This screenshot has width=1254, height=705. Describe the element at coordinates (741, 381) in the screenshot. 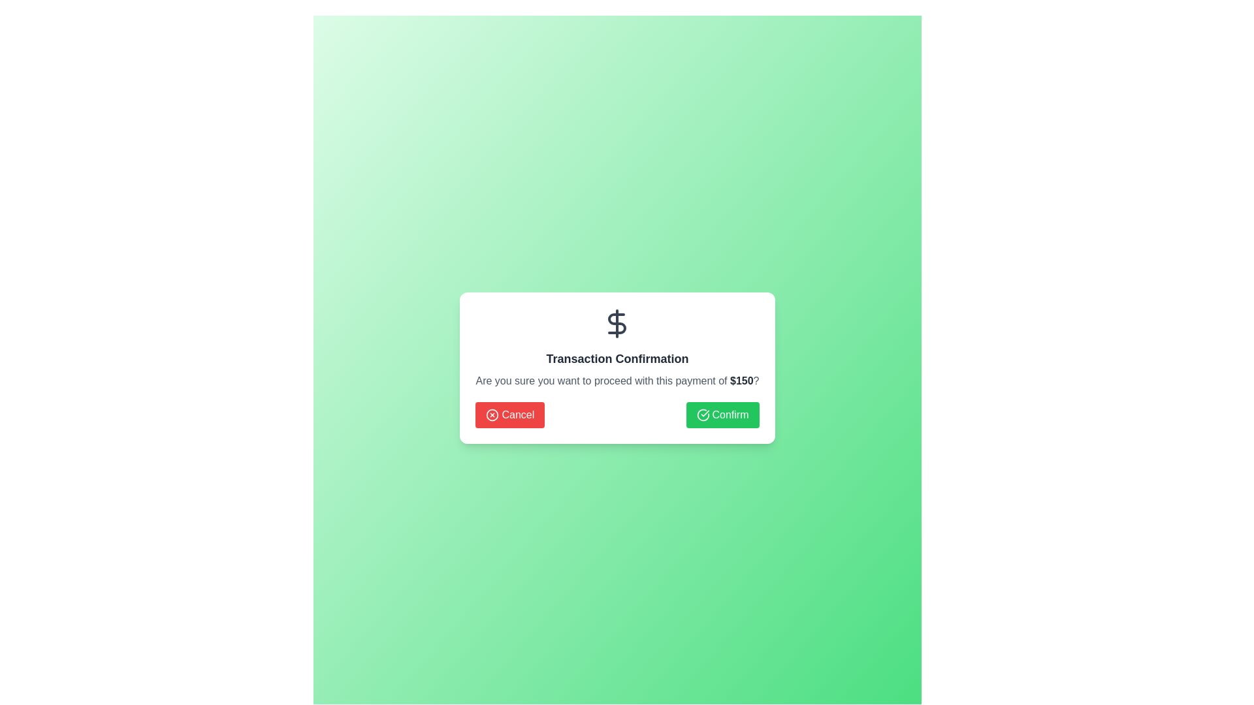

I see `amount displayed in the Text label indicating the payment of $150 in the Transaction Confirmation panel, positioned beneath the title and near the Cancel and Confirm buttons` at that location.